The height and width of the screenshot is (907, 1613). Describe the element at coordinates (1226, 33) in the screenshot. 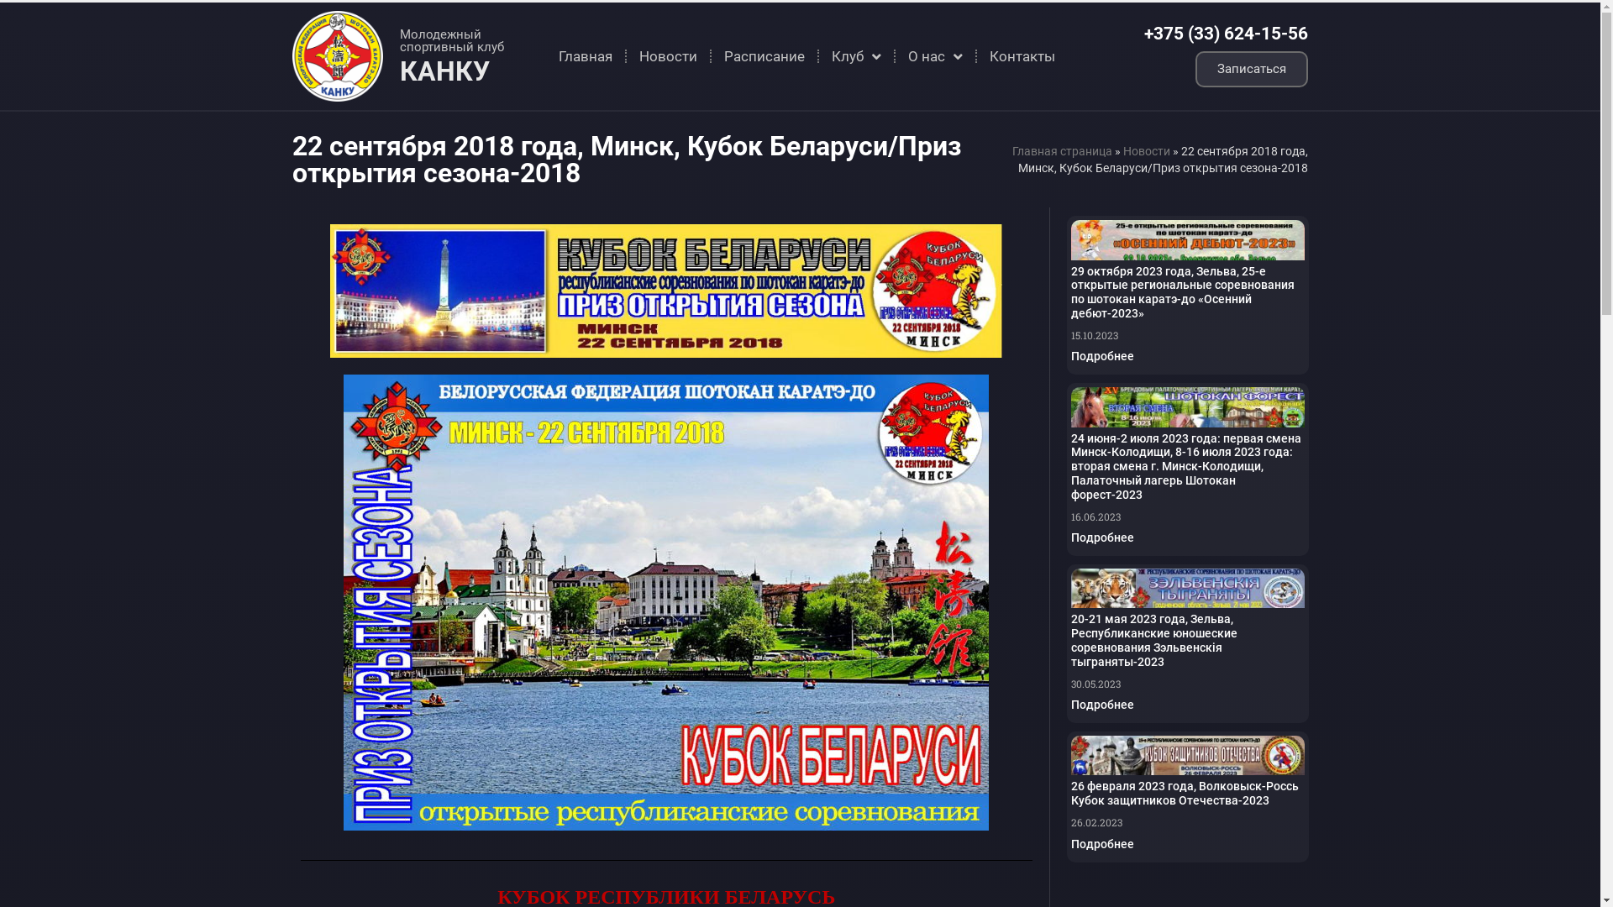

I see `'+375 (33) 624-15-56'` at that location.